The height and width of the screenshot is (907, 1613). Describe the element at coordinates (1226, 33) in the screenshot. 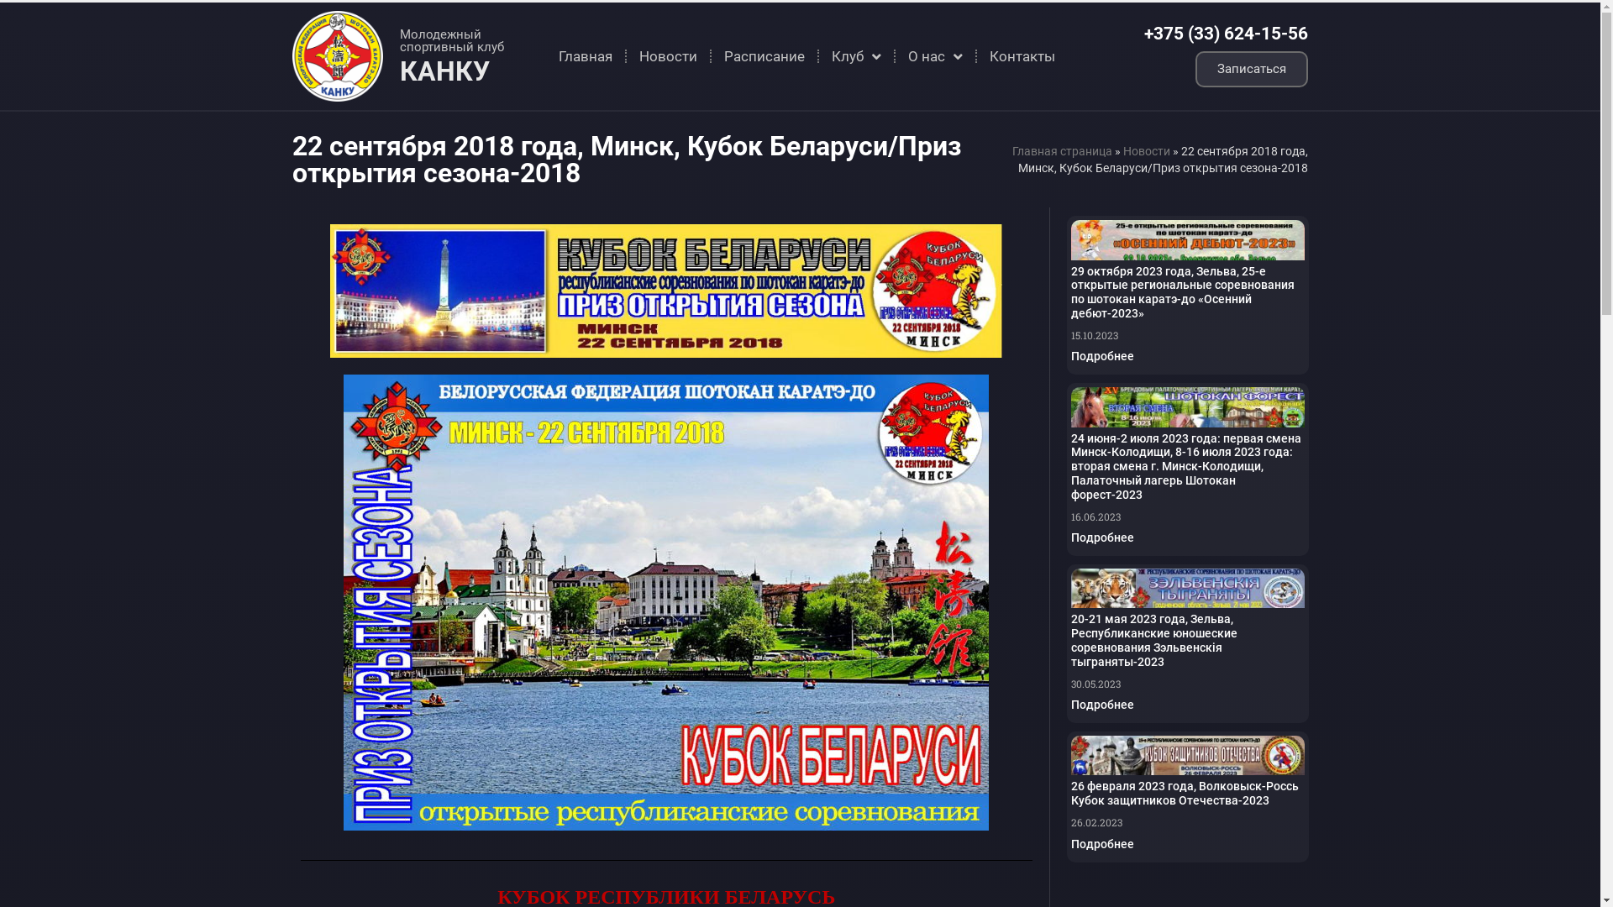

I see `'+375 (33) 624-15-56'` at that location.